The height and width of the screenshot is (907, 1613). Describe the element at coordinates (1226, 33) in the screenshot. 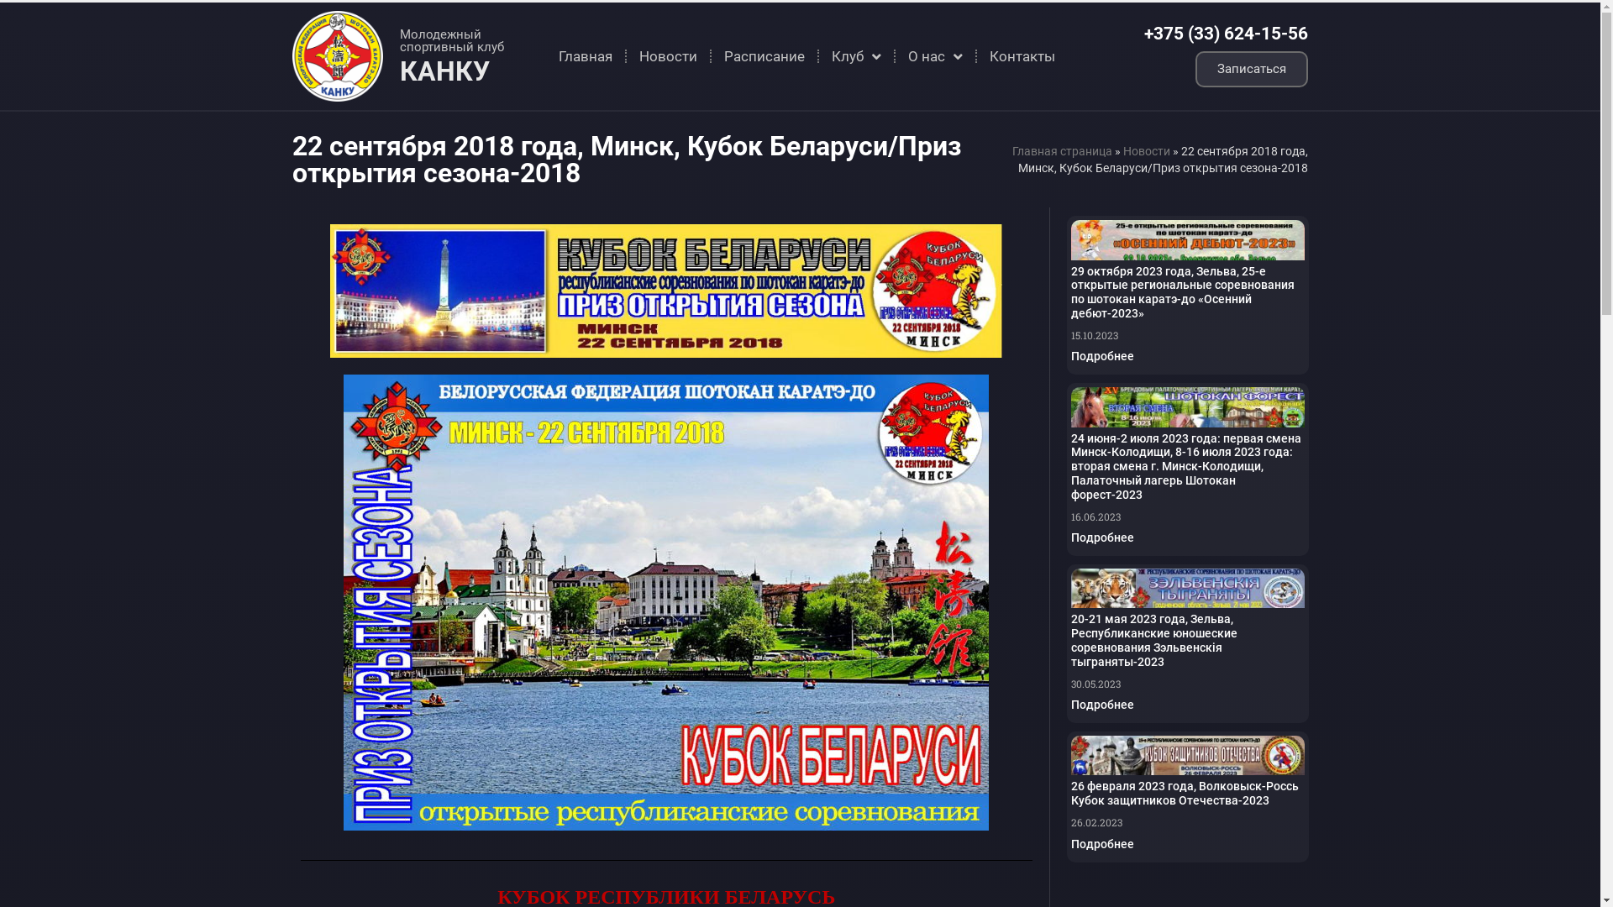

I see `'+375 (33) 624-15-56'` at that location.